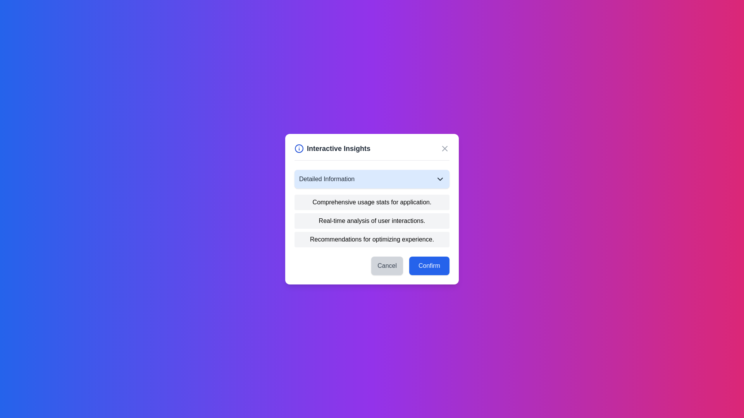 The width and height of the screenshot is (744, 418). Describe the element at coordinates (372, 202) in the screenshot. I see `text content of the first item in the vertical list of options within the 'Interactive Insights' modal window` at that location.